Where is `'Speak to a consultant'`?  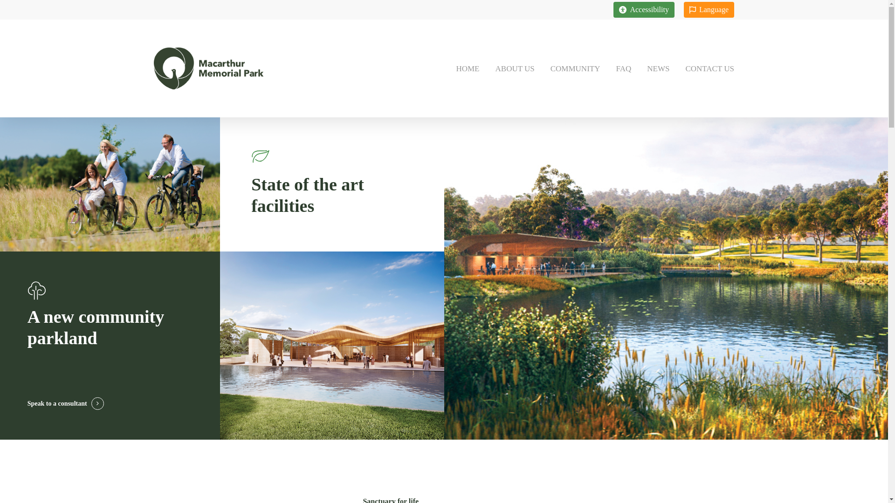
'Speak to a consultant' is located at coordinates (65, 403).